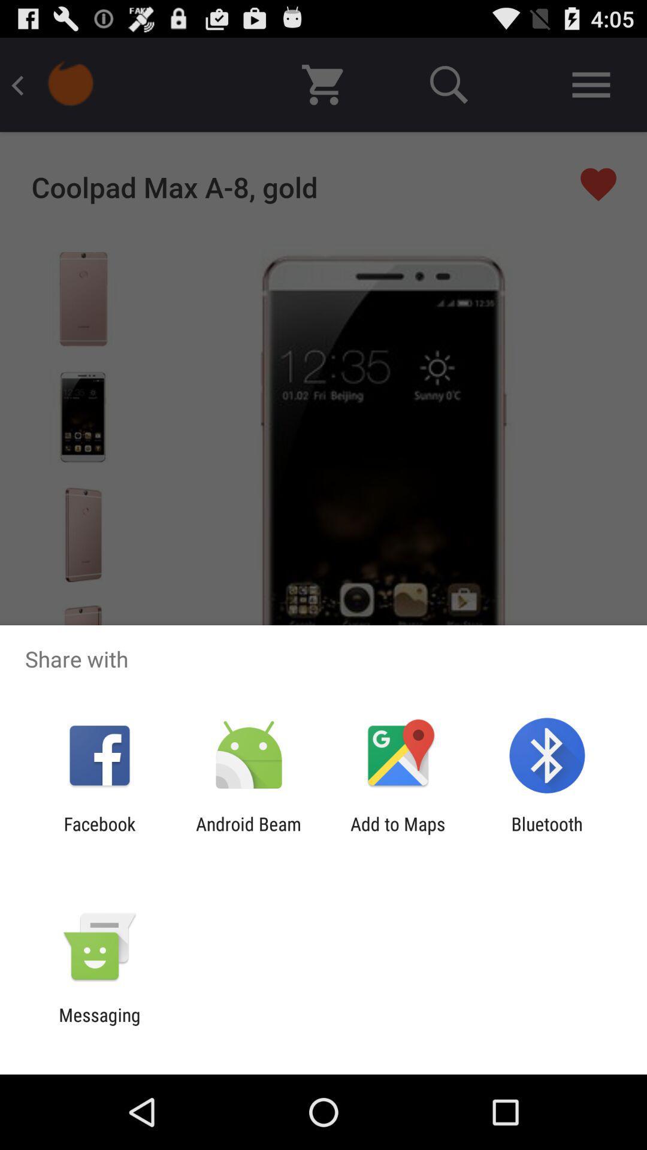 Image resolution: width=647 pixels, height=1150 pixels. Describe the element at coordinates (248, 834) in the screenshot. I see `the android beam item` at that location.